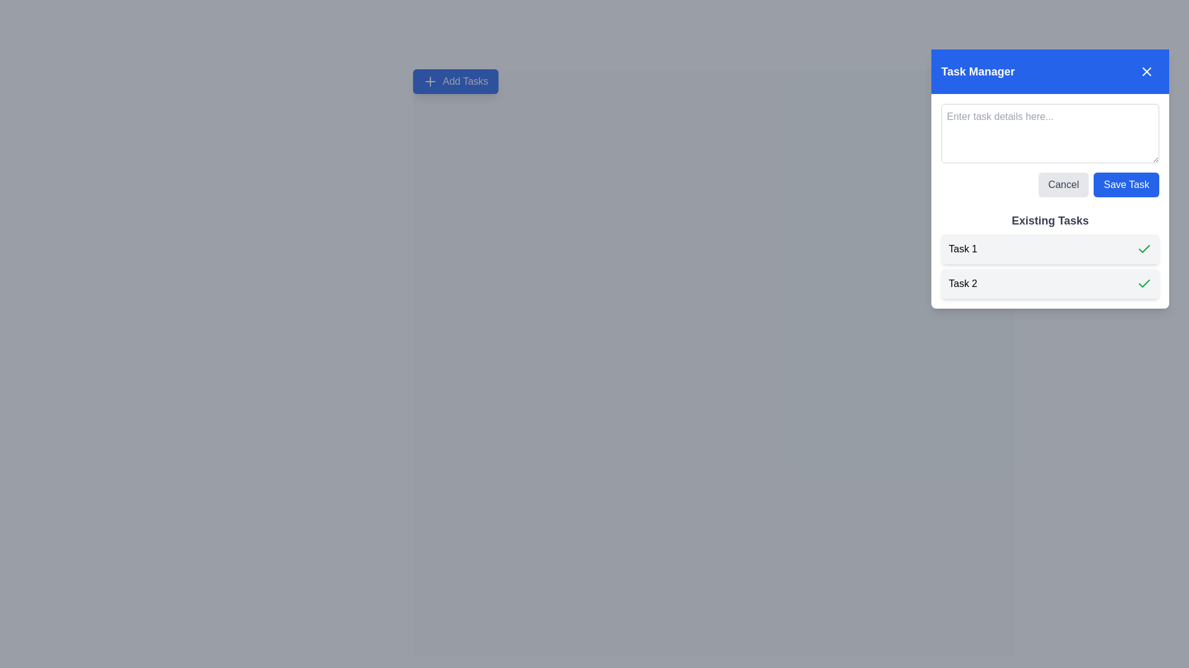 The image size is (1189, 668). I want to click on the status icon for 'Task 2', which is located to the far right of the 'Task 2' label within the 'Existing Tasks' section, so click(1144, 284).